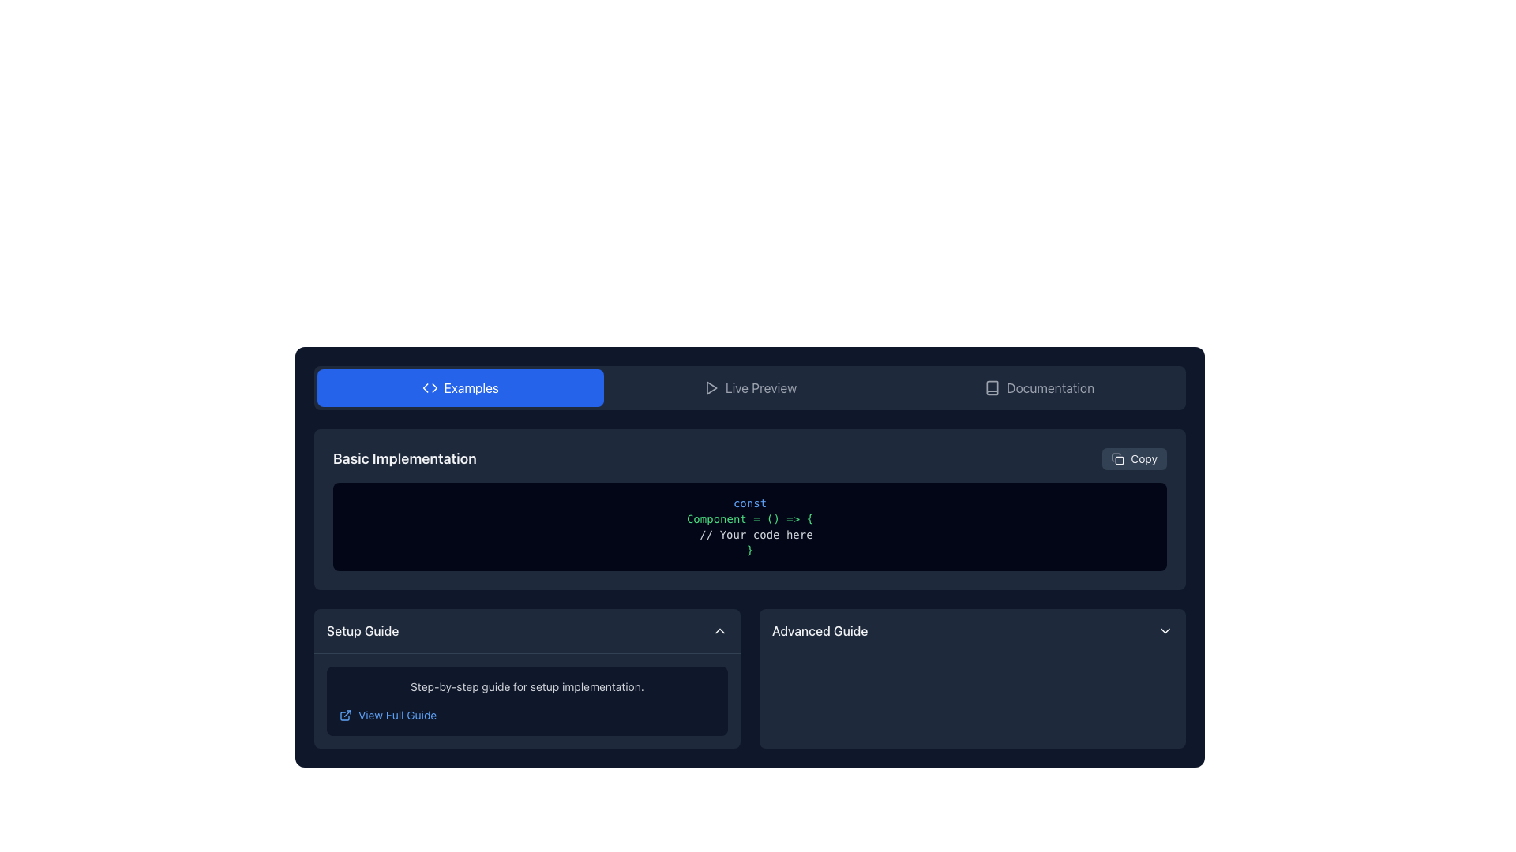  I want to click on the hyperlink with the associated icon located in the 'Setup Guide' panel at the bottom-left area of the interface, so click(388, 715).